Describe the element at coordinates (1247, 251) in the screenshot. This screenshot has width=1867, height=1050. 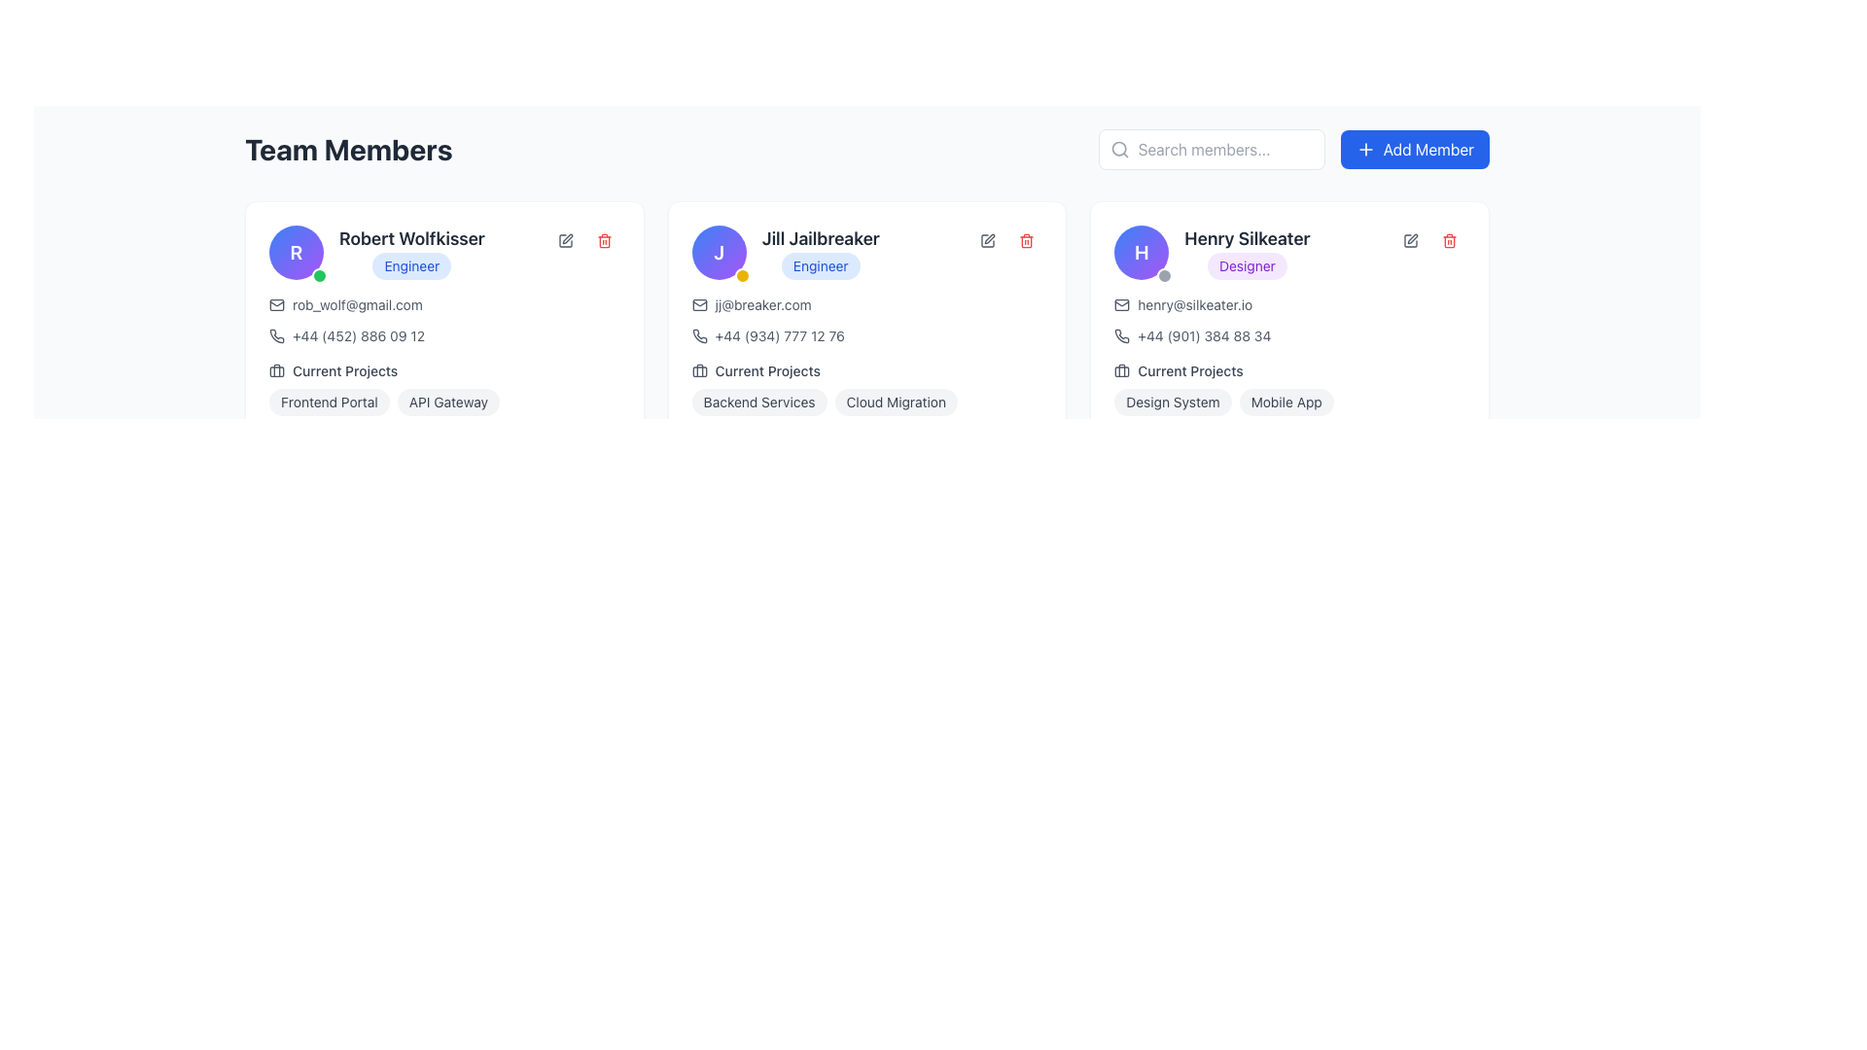
I see `the text and label combination displaying 'Henry Silkeater' styled in bold, large, gray text followed by the label 'Designer' on a purple background to use it as a reference for identifying related elements` at that location.